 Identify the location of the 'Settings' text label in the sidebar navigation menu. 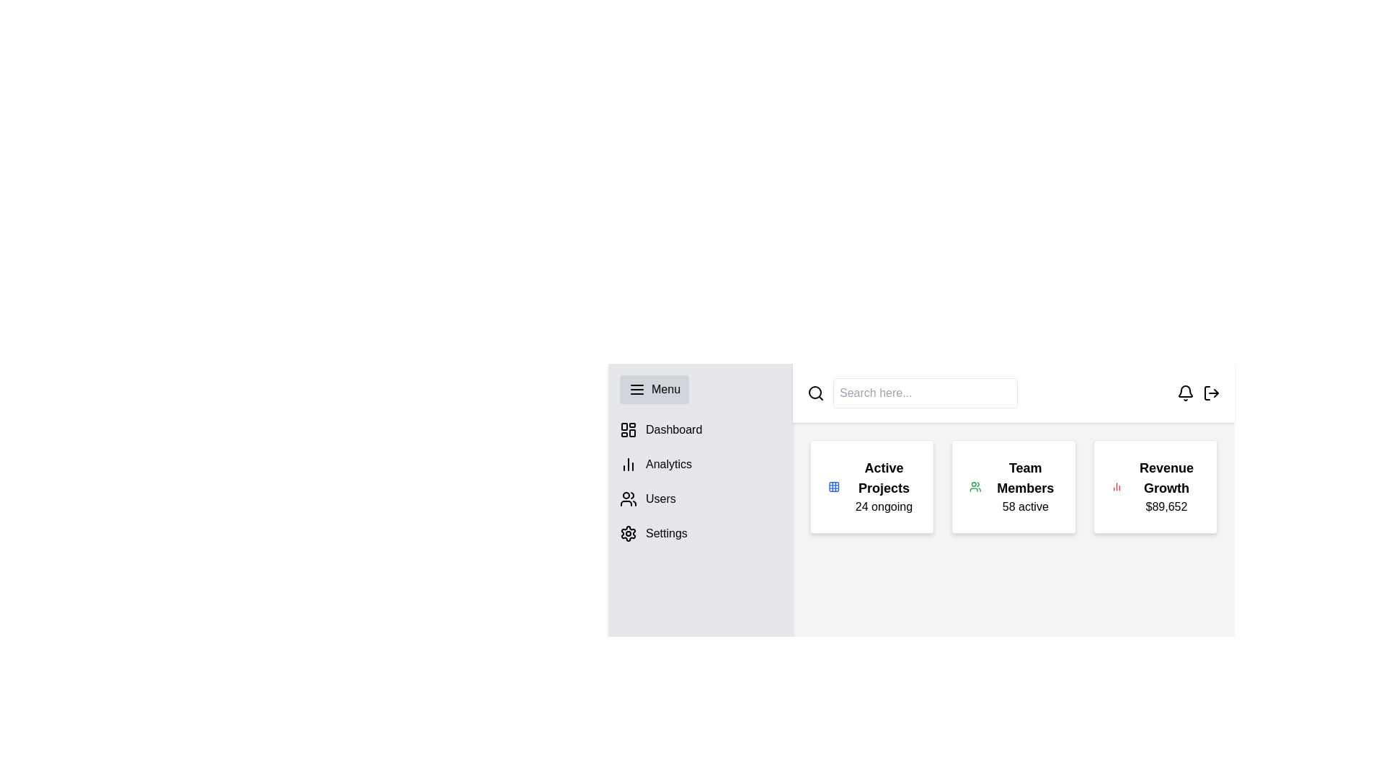
(665, 533).